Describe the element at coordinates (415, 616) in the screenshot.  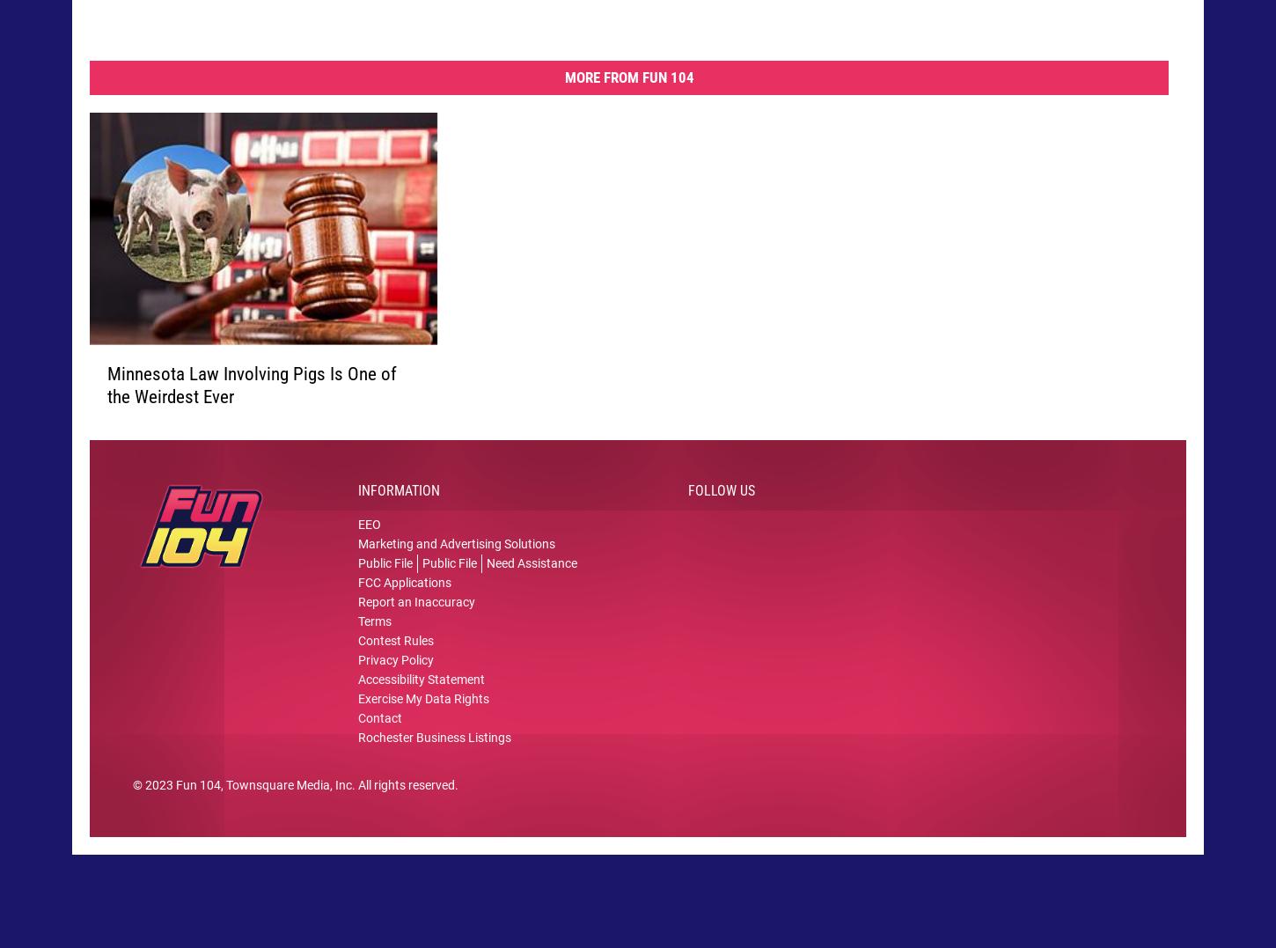
I see `'Report an Inaccuracy'` at that location.